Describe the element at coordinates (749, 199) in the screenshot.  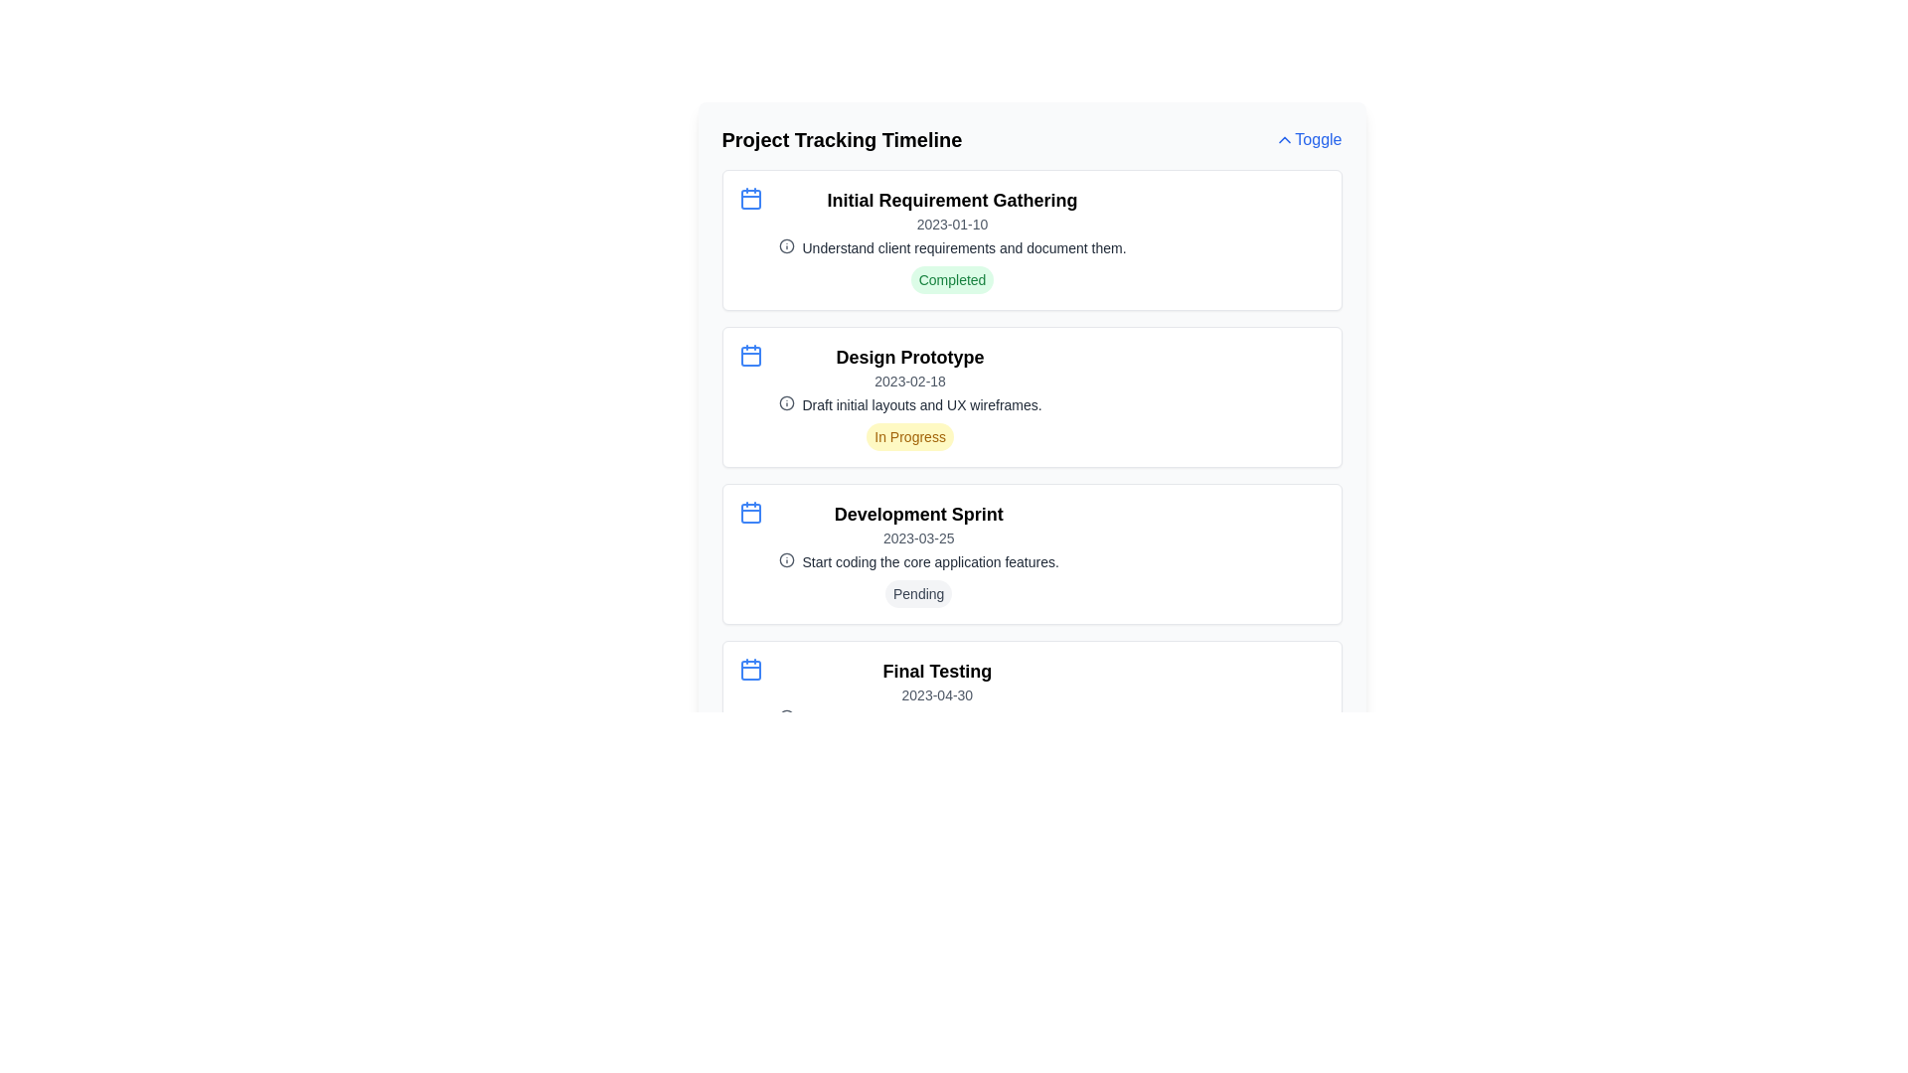
I see `the design of the small blue calendar icon located at the start of the first row in the project timeline list, aligned with the title 'Initial Requirement Gathering'` at that location.